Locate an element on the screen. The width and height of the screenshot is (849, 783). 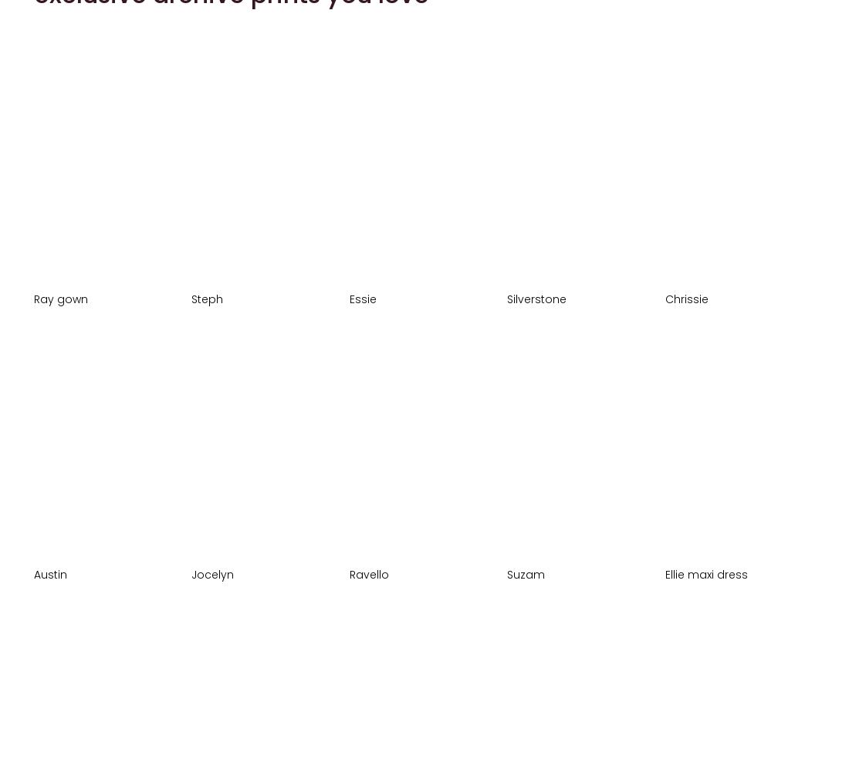
'Jocelyn' is located at coordinates (212, 572).